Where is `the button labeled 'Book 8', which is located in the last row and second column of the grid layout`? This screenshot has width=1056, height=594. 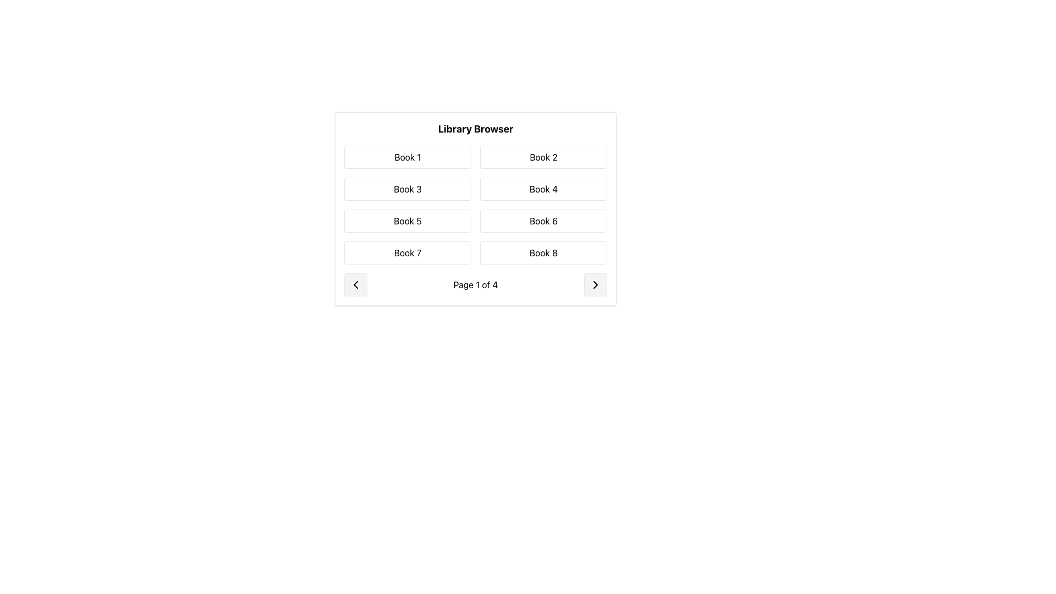 the button labeled 'Book 8', which is located in the last row and second column of the grid layout is located at coordinates (543, 252).